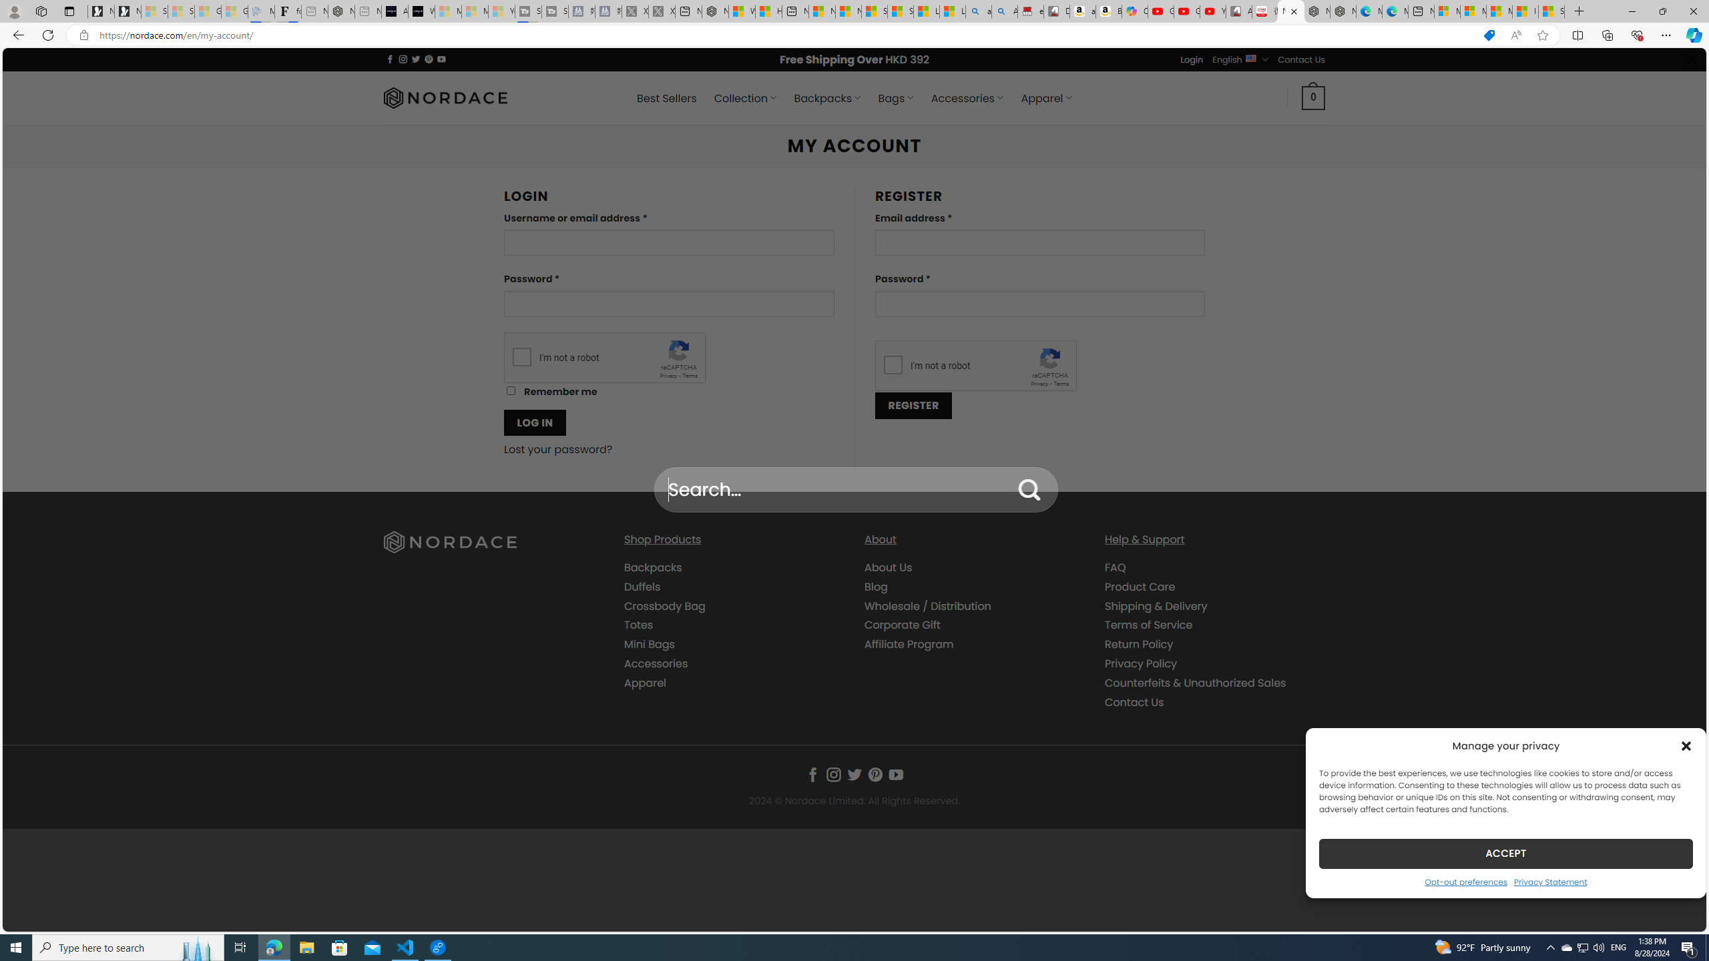  I want to click on 'Nordace - Nordace has arrived Hong Kong', so click(1342, 11).